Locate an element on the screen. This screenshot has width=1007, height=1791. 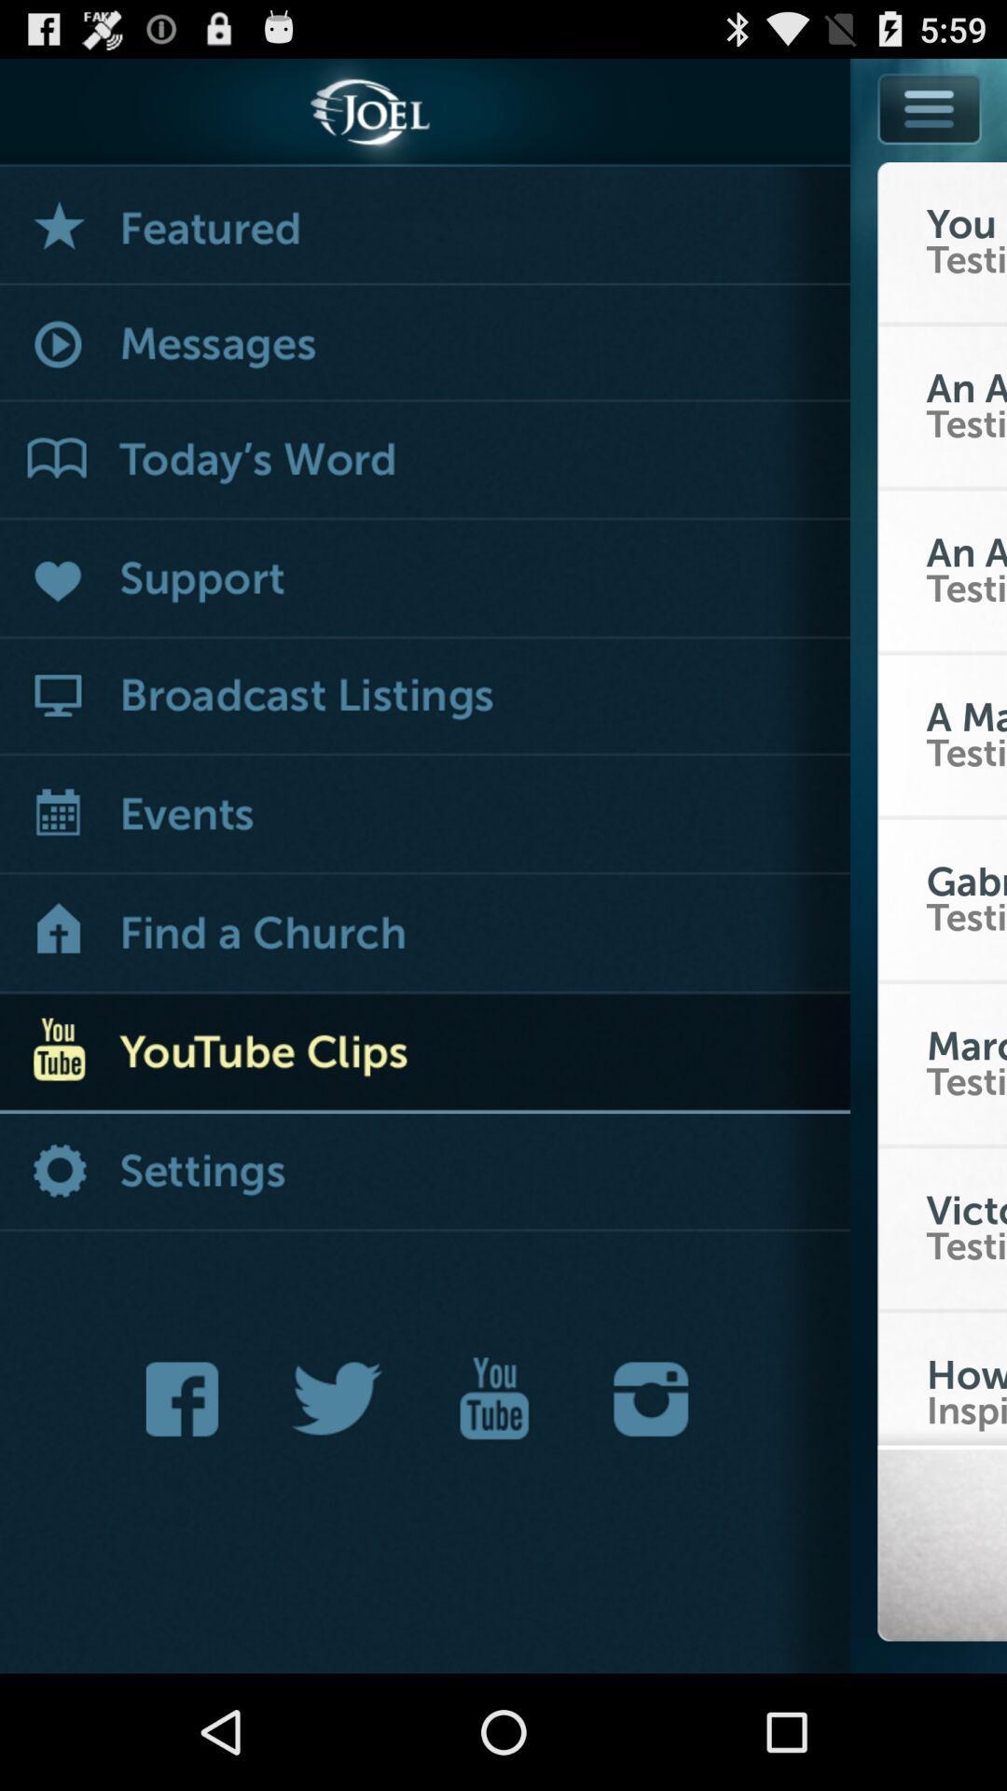
joel 's event schedule is located at coordinates (424, 816).